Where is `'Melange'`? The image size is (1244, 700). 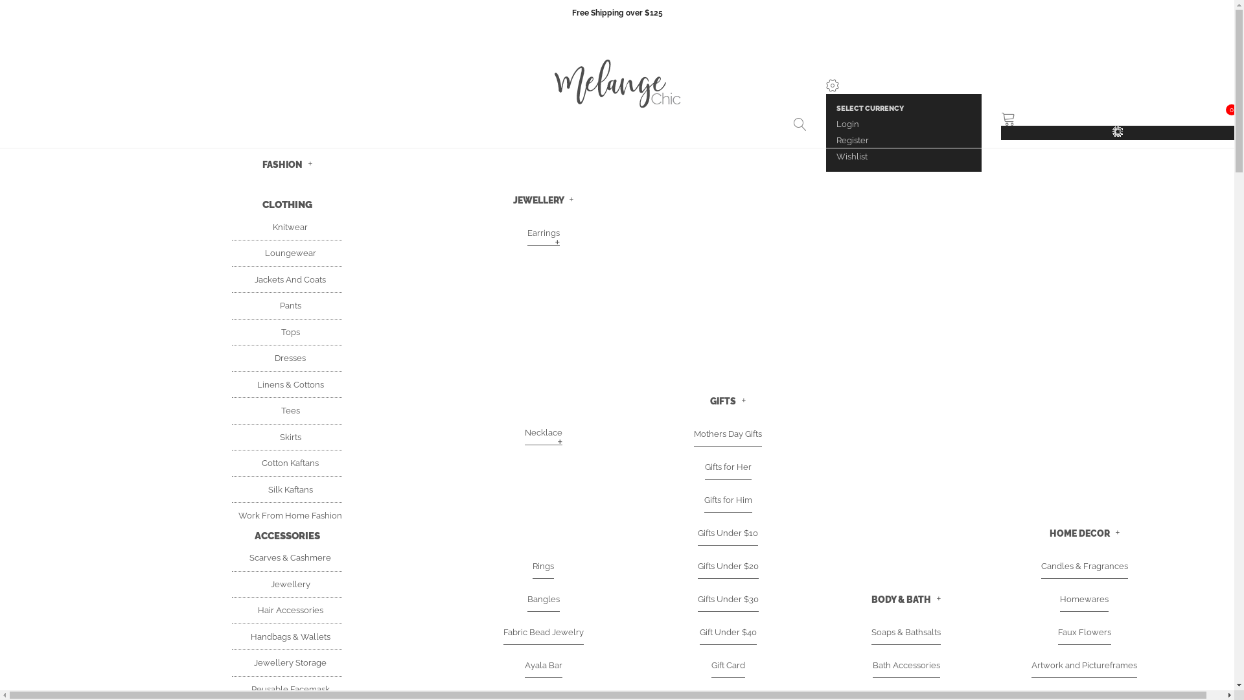 'Melange' is located at coordinates (616, 85).